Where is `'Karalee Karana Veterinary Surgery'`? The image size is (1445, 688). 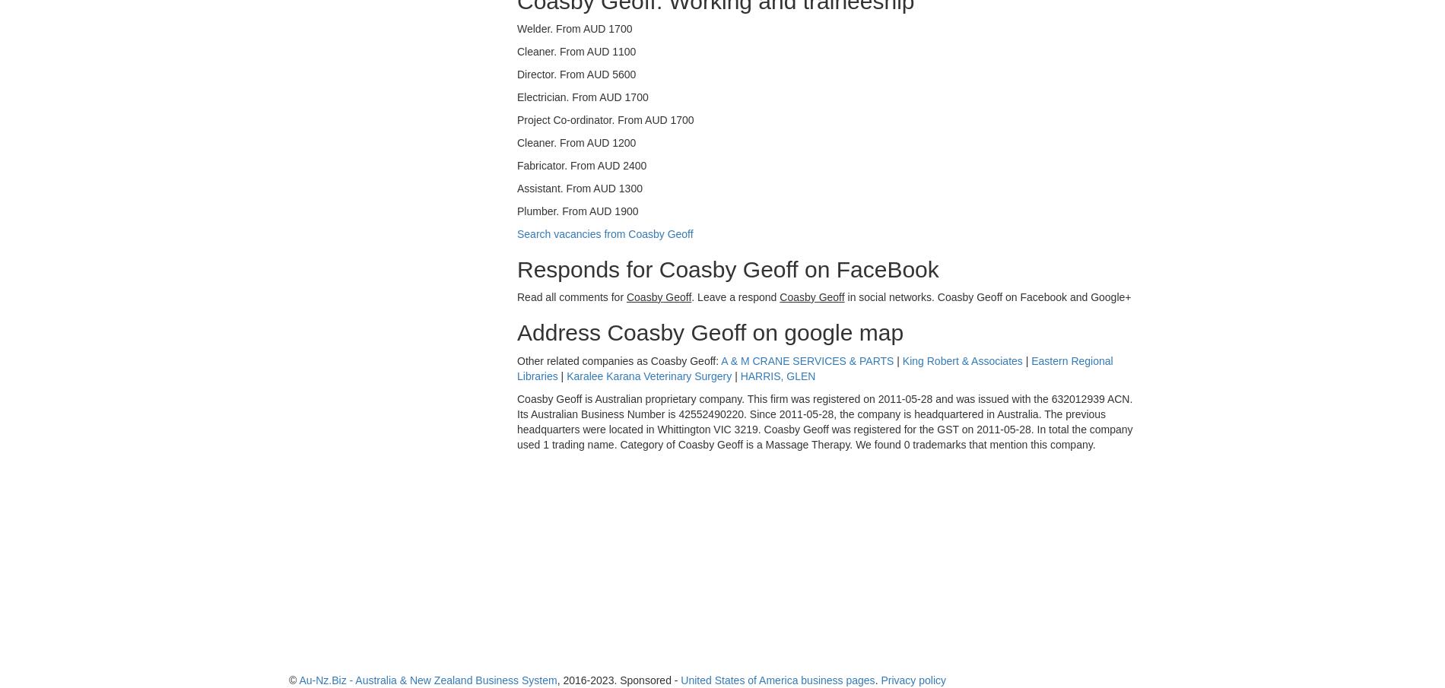
'Karalee Karana Veterinary Surgery' is located at coordinates (648, 376).